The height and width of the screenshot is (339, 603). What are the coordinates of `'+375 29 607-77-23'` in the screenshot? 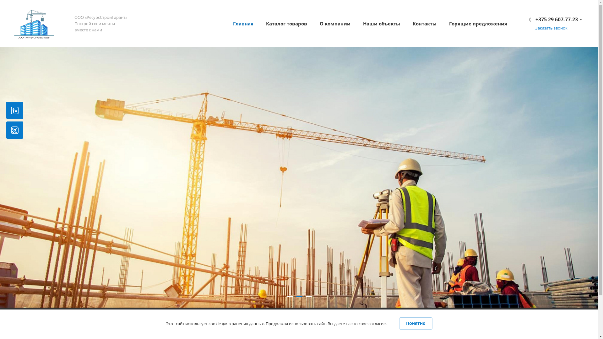 It's located at (556, 19).